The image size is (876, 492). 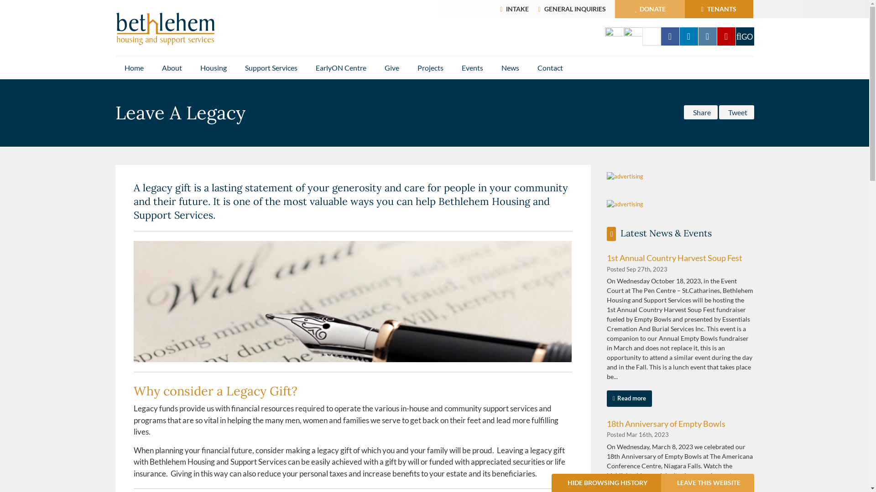 I want to click on '1st Annual Country Harvest Soup Fest', so click(x=674, y=258).